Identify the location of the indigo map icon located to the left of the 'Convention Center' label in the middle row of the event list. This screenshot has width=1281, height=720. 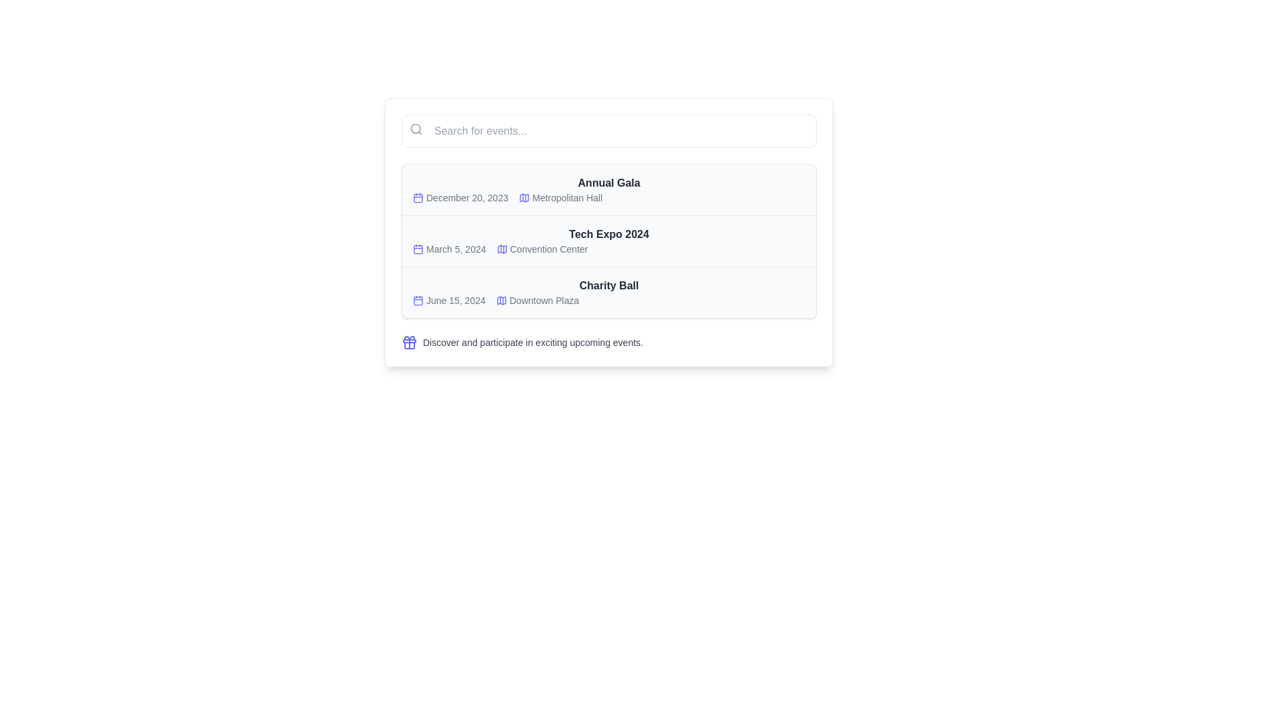
(501, 249).